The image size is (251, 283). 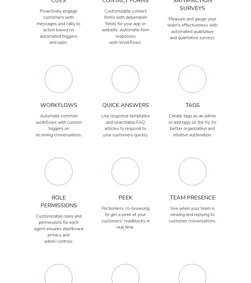 I want to click on 'Frictionless co-browsing to get a peek at your customers' roadblocks in real time.', so click(x=125, y=218).